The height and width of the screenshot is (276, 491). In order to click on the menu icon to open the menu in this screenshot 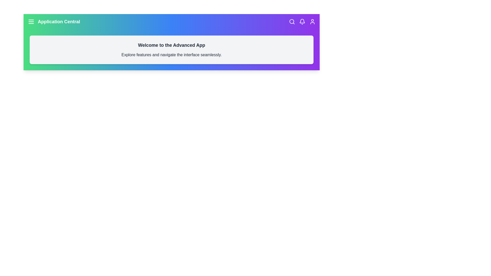, I will do `click(31, 21)`.